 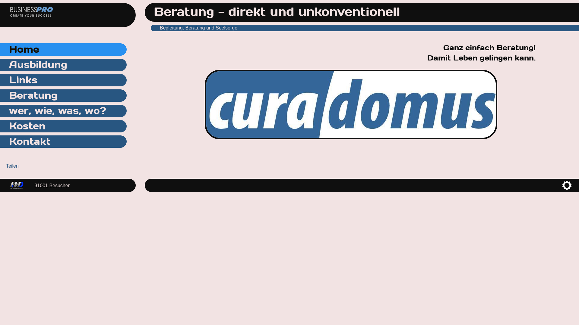 I want to click on 'Kontakt', so click(x=63, y=141).